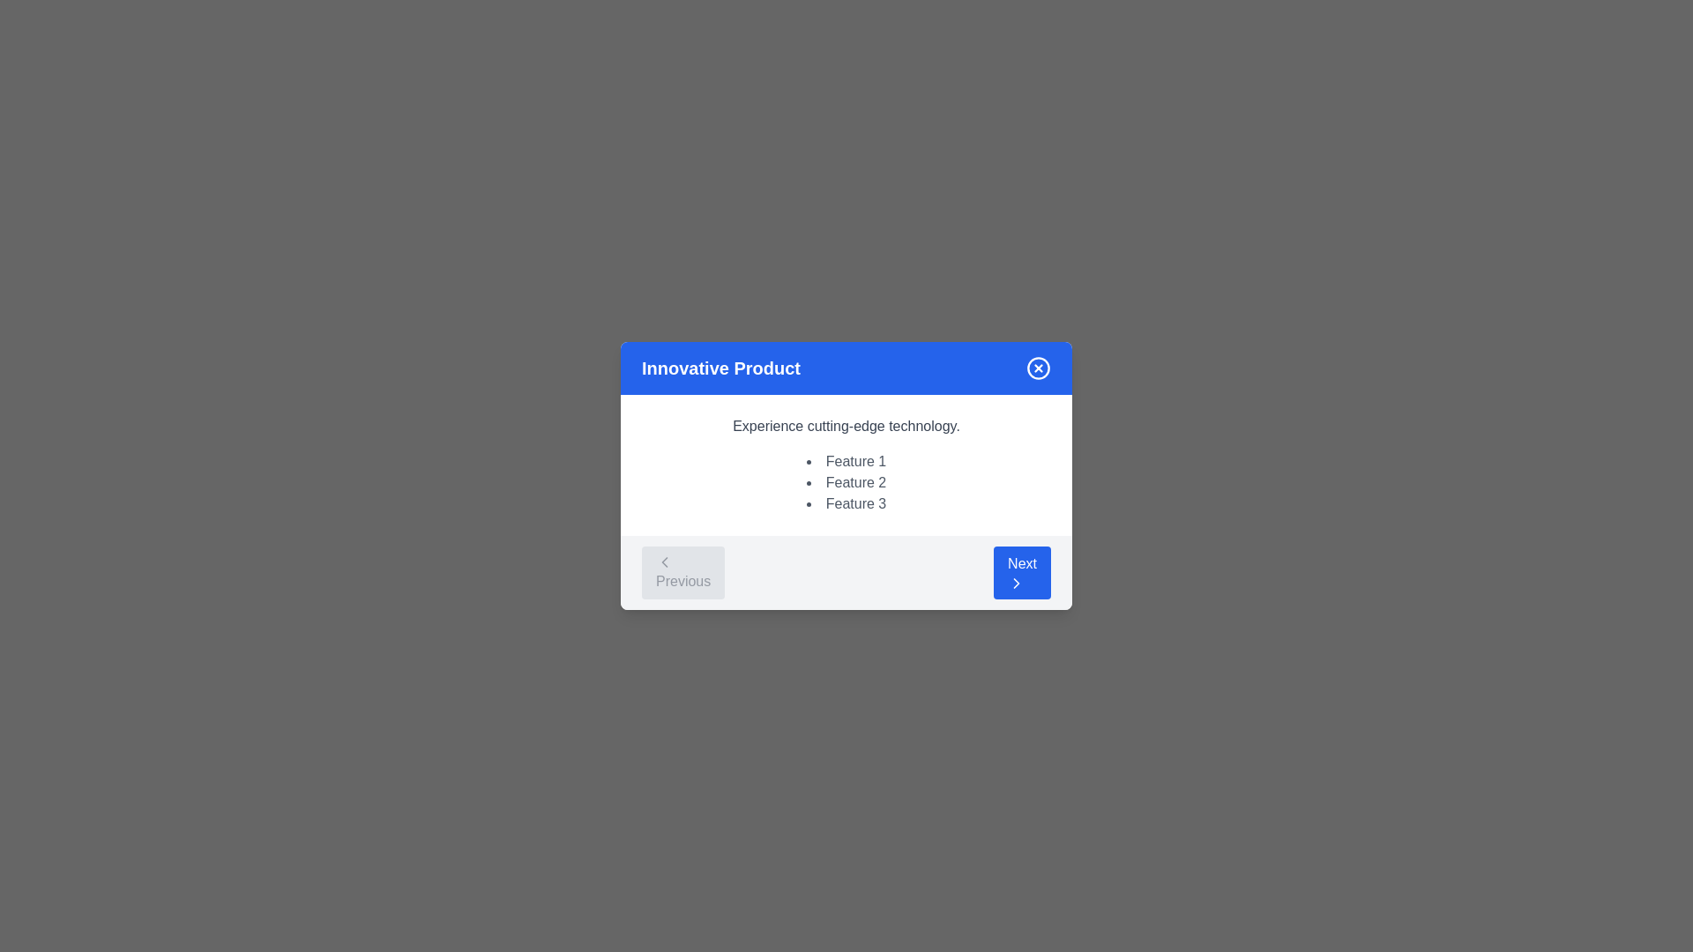  Describe the element at coordinates (1038, 367) in the screenshot. I see `the close button located in the top-right corner of the blue header section labeled 'Innovative Product'` at that location.